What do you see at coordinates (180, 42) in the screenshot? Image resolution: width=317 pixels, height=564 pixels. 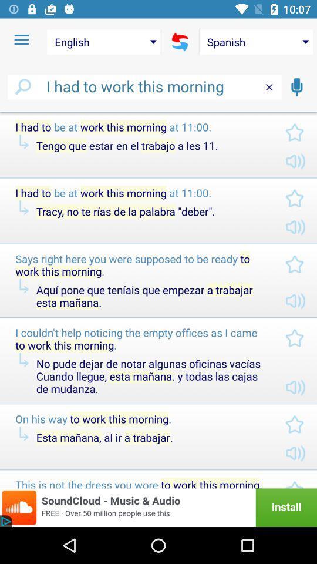 I see `icon above i had to` at bounding box center [180, 42].